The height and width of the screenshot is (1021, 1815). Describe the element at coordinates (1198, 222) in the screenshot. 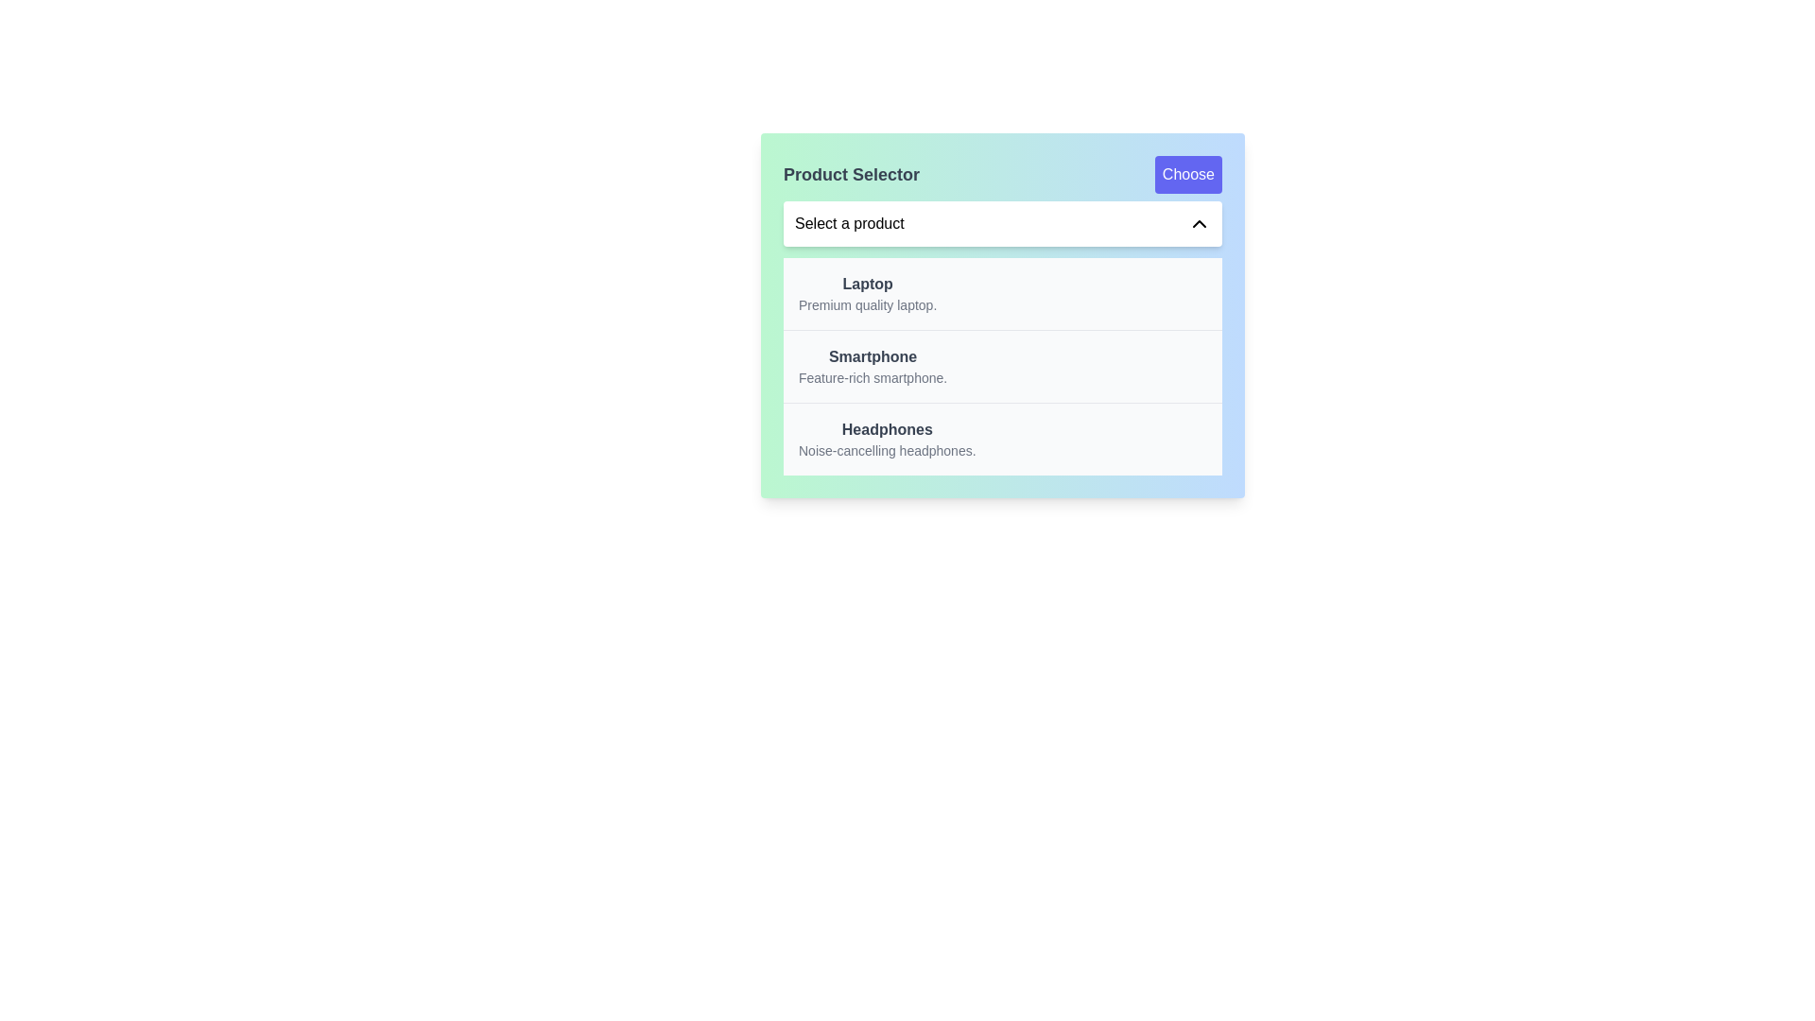

I see `the chevron icon in the dropdown selector's header section` at that location.